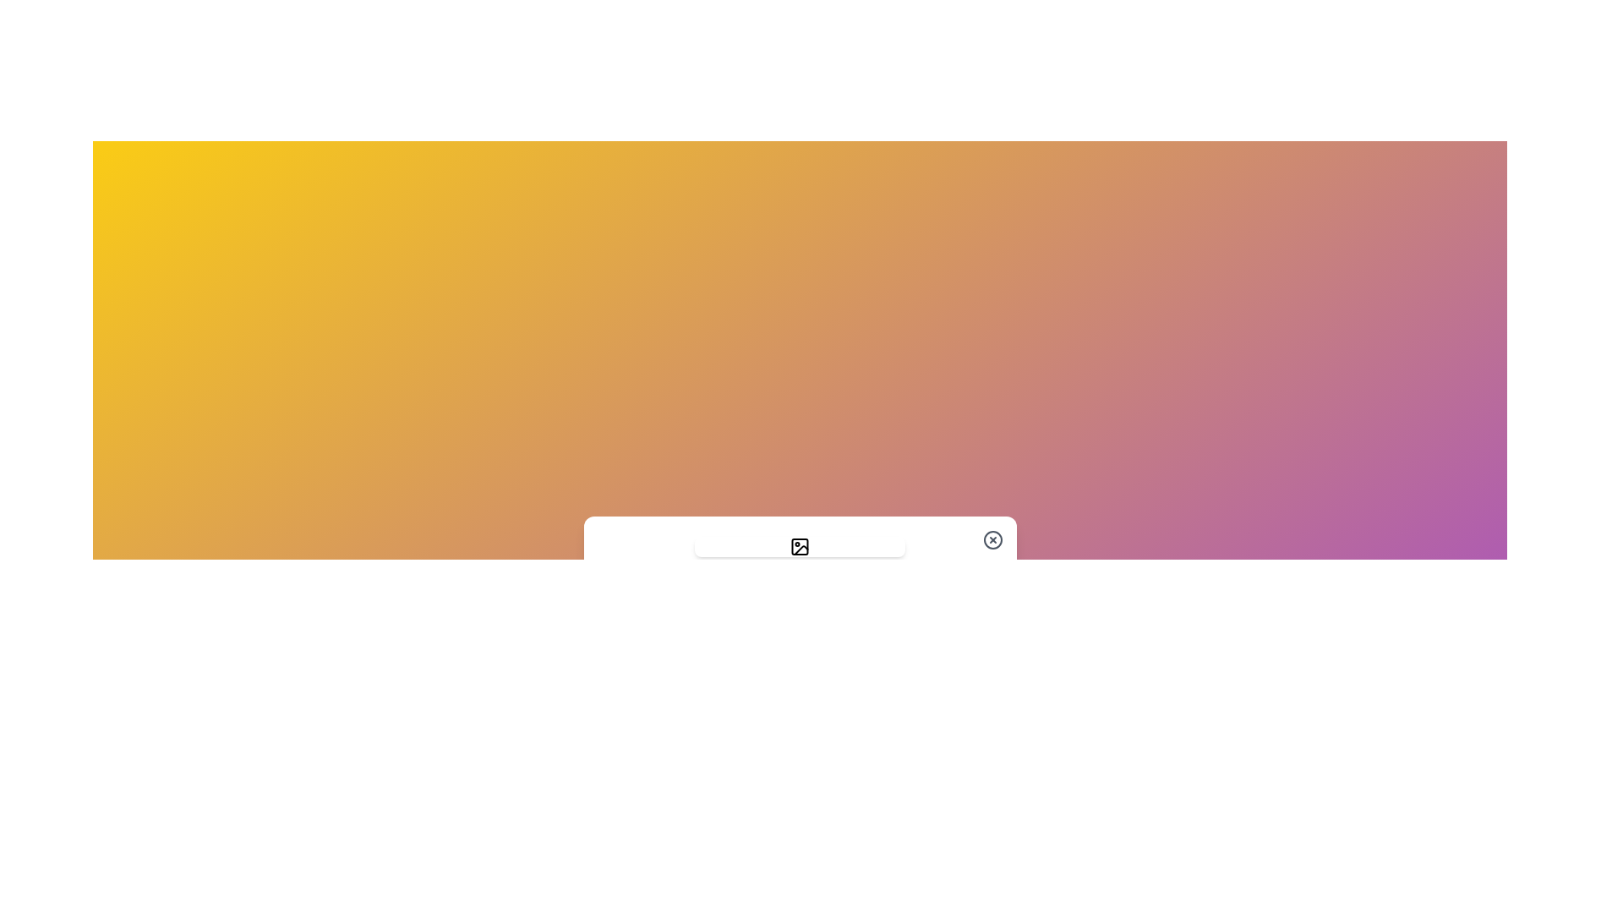 Image resolution: width=1623 pixels, height=913 pixels. I want to click on the close button located in the bottom-right section of the interface, so click(992, 540).